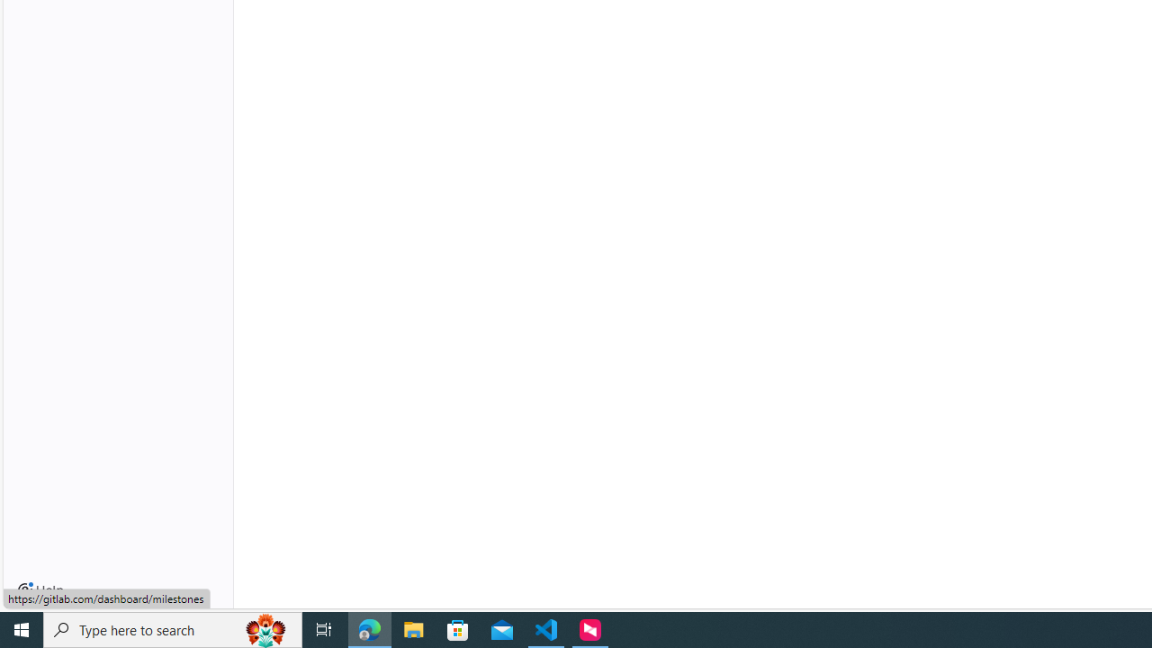  I want to click on 'Help', so click(40, 589).